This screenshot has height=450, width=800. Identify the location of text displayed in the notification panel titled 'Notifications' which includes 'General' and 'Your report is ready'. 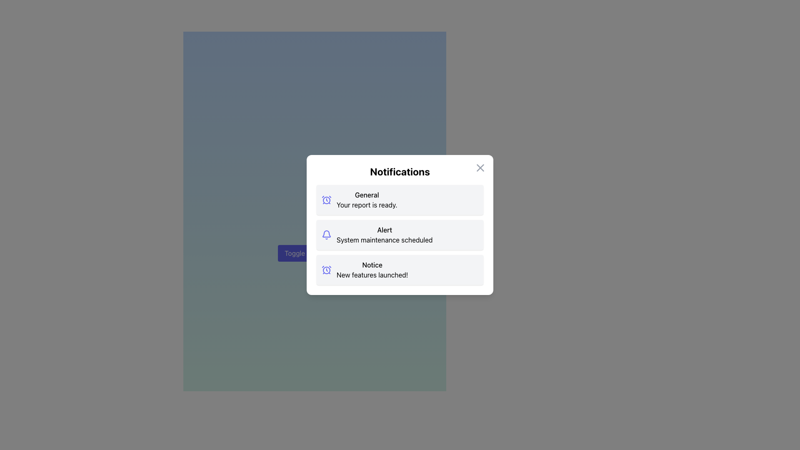
(367, 200).